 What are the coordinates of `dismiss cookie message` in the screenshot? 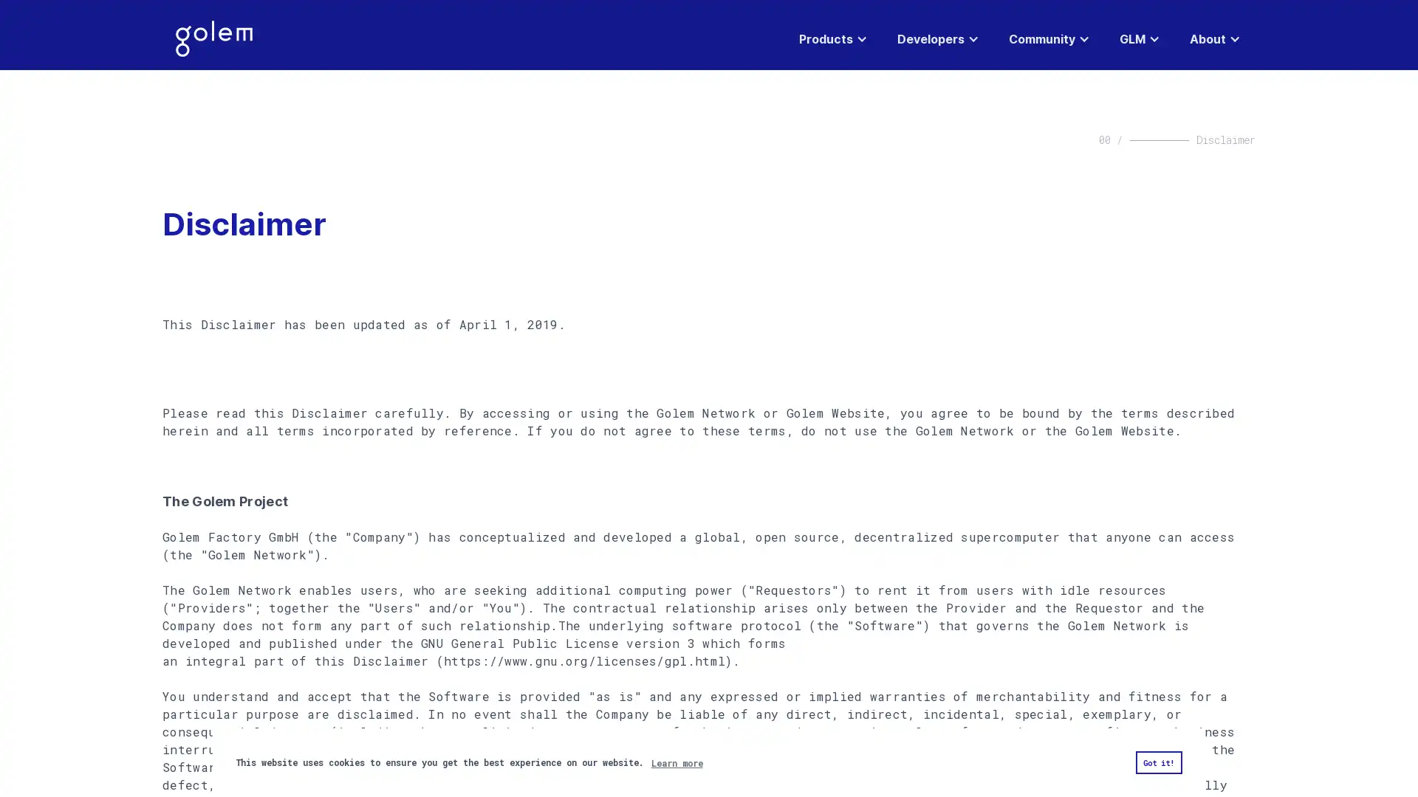 It's located at (1157, 762).